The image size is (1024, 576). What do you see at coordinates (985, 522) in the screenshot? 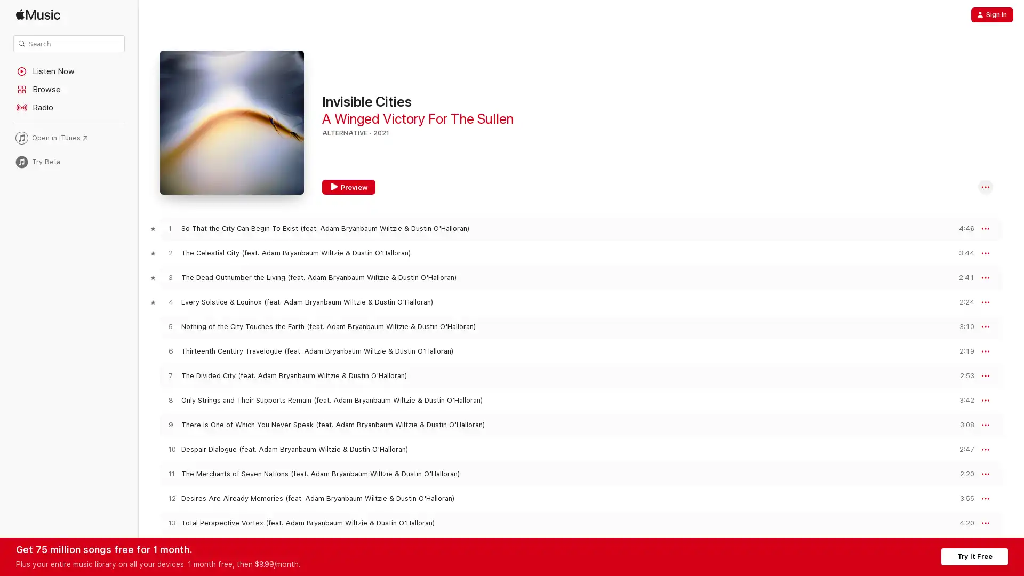
I see `More` at bounding box center [985, 522].